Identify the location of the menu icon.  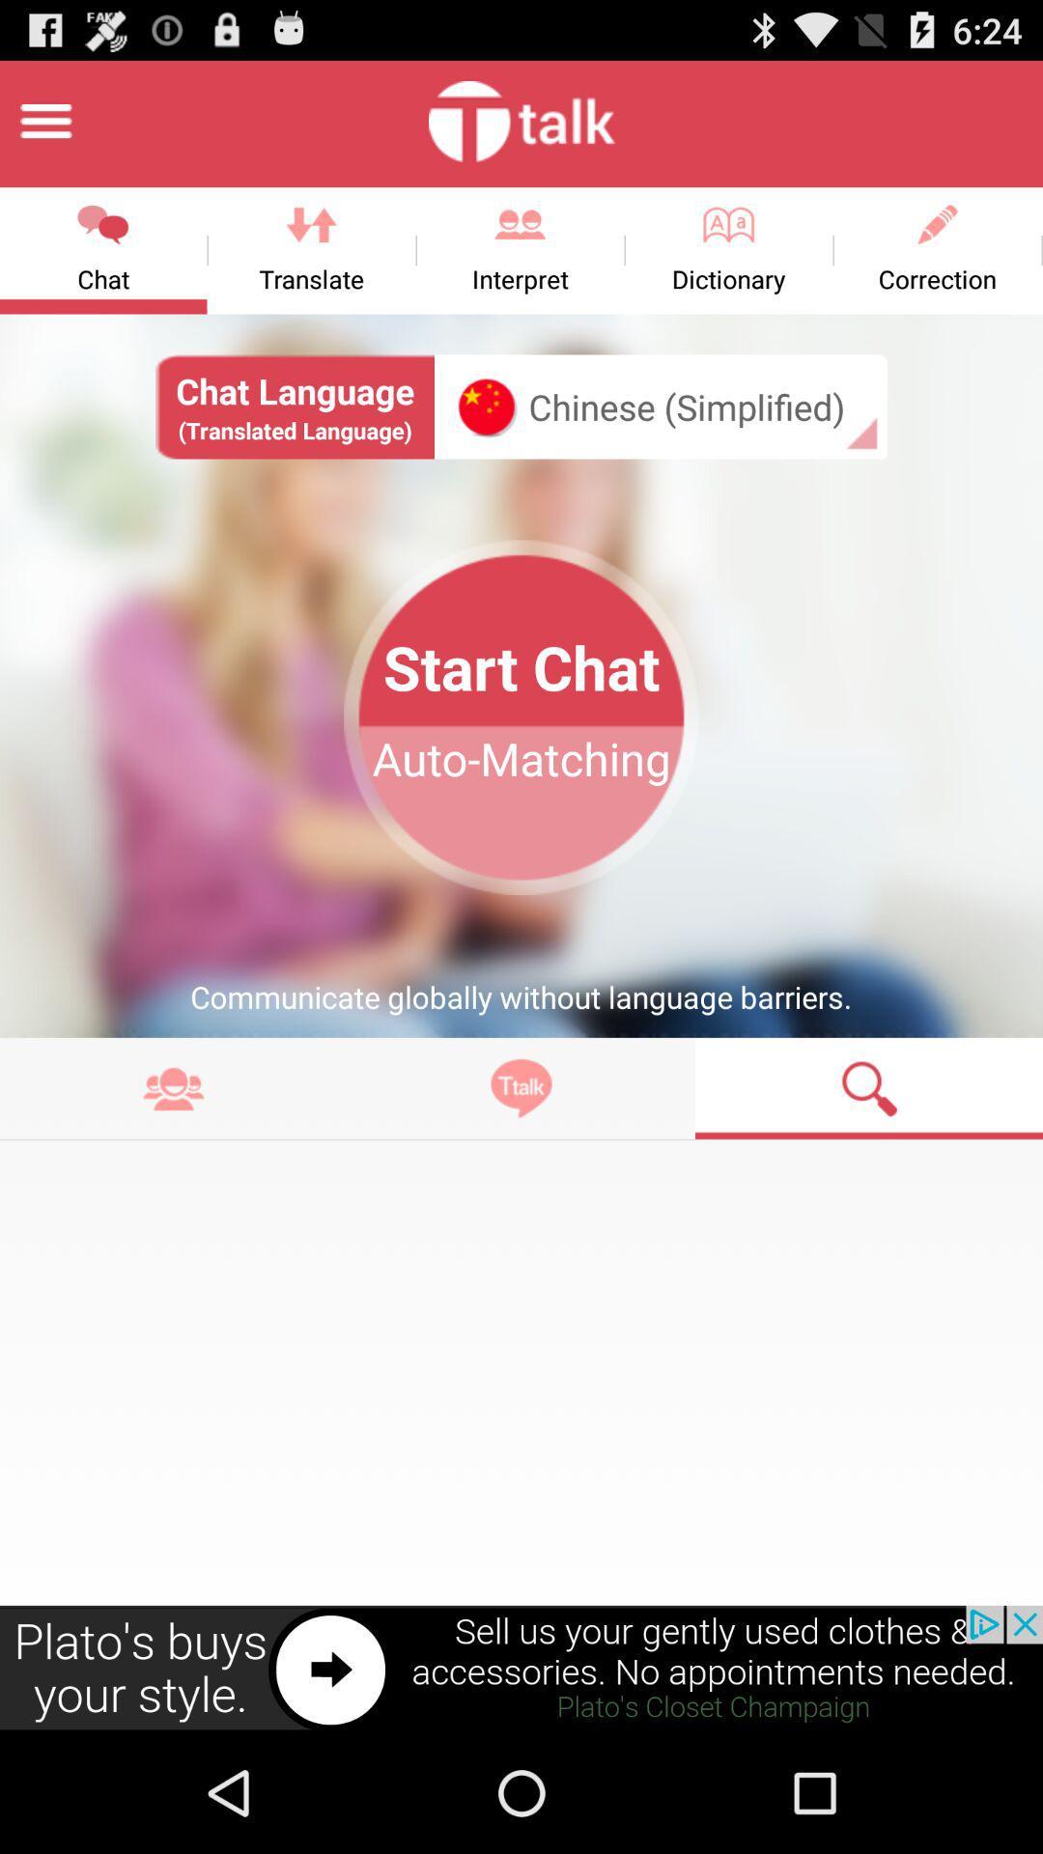
(44, 128).